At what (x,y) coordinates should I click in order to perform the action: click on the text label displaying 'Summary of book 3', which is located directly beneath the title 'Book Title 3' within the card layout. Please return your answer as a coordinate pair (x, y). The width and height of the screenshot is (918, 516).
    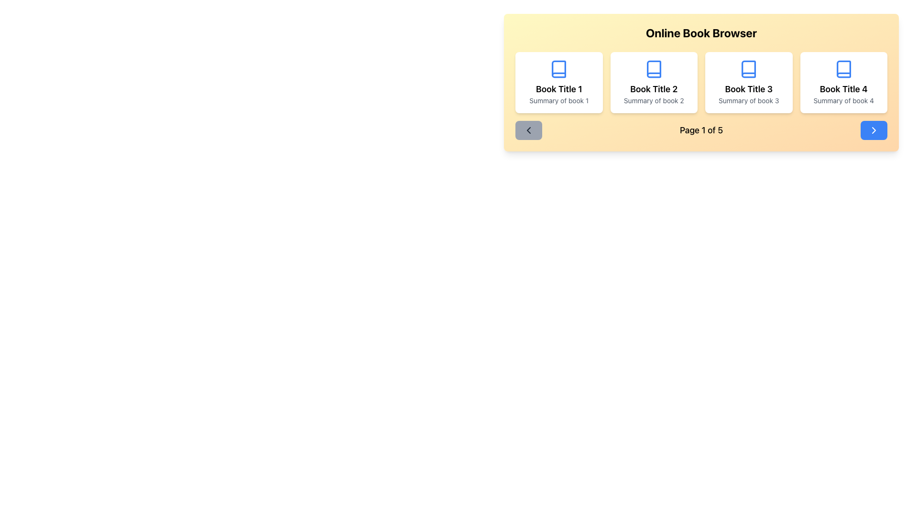
    Looking at the image, I should click on (748, 101).